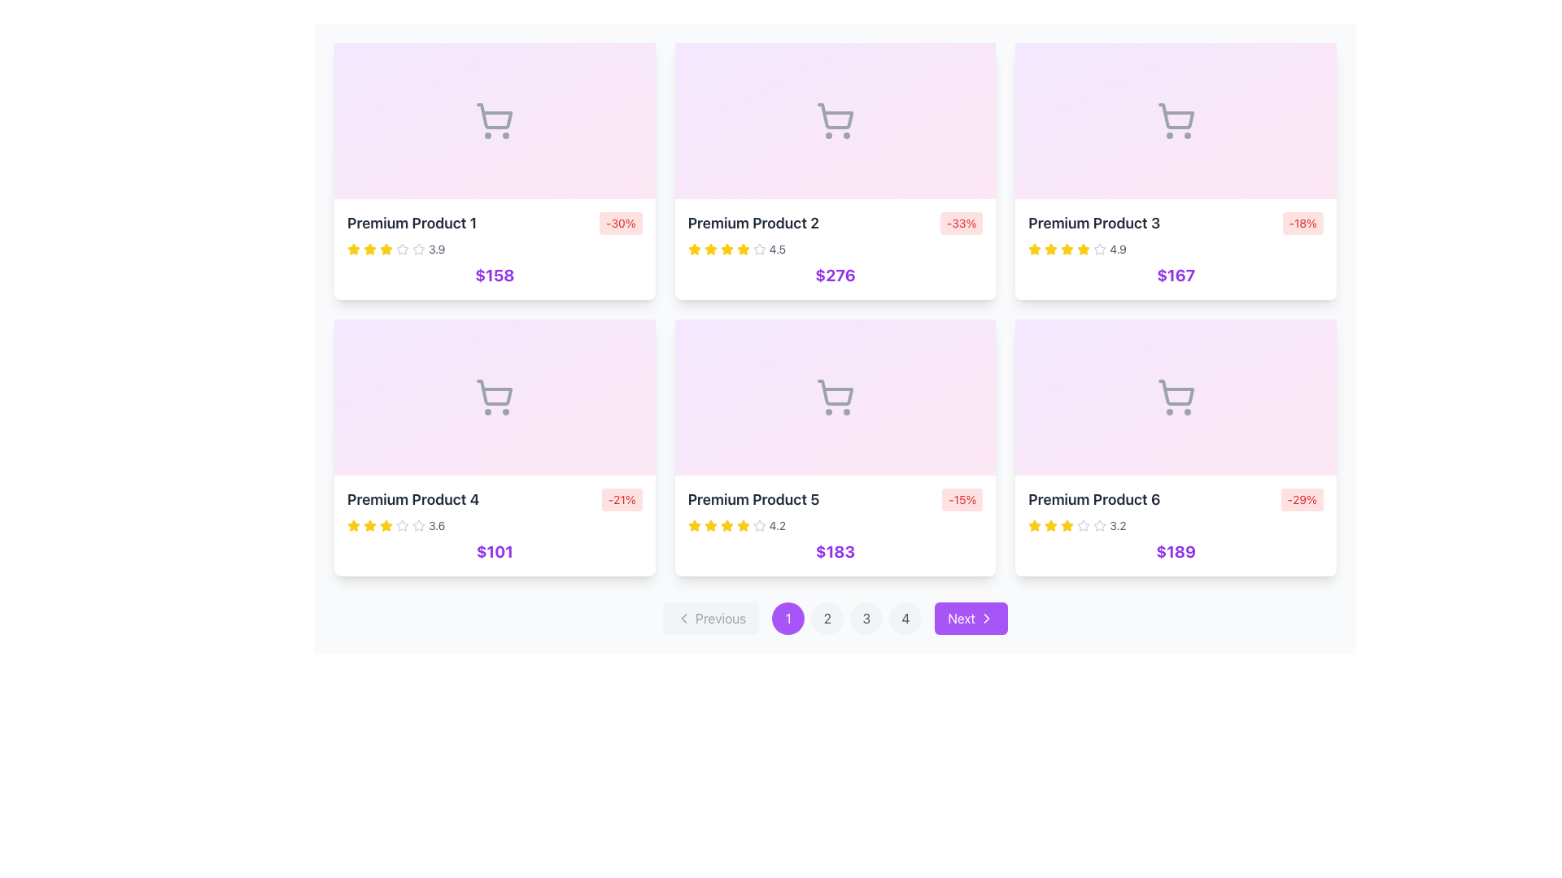 Image resolution: width=1562 pixels, height=878 pixels. I want to click on the third yellow star rating icon in the second product card of the first row in the grid layout, so click(726, 249).